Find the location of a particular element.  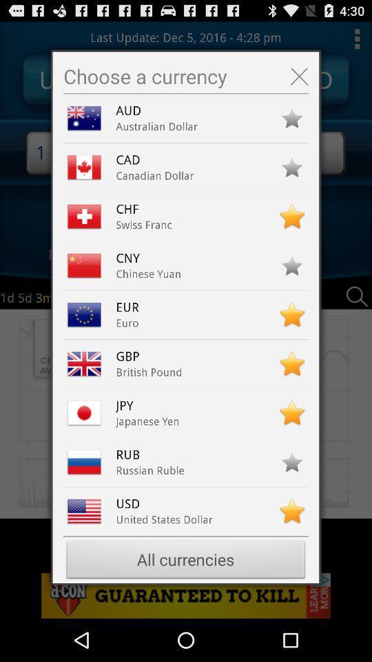

the app below british pound icon is located at coordinates (131, 405).